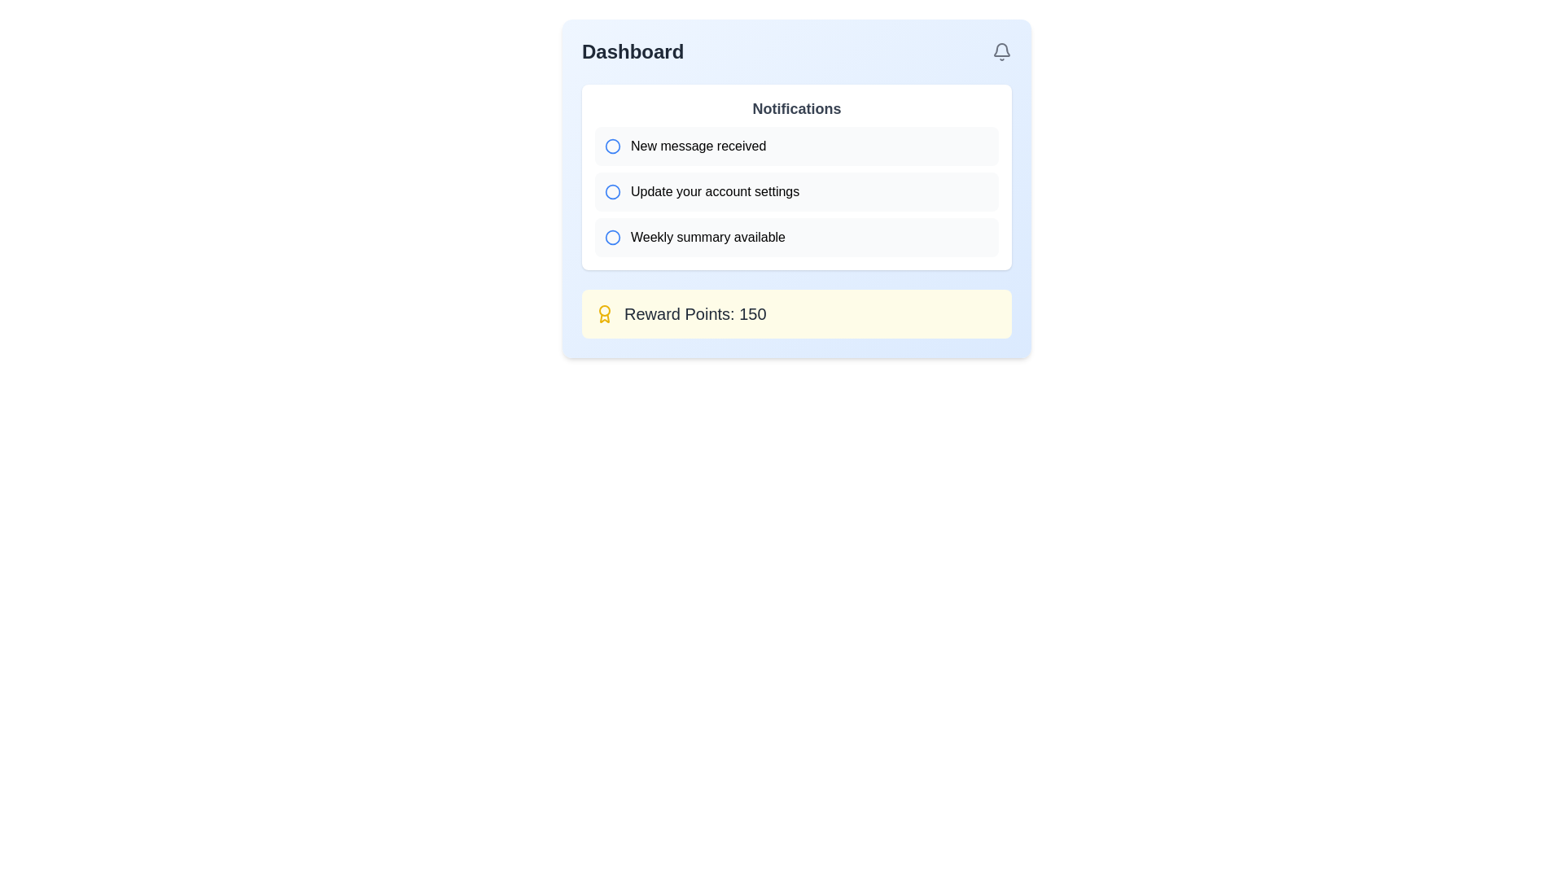  I want to click on the bell-shaped icon segment within the SVG element located in the top right corner of the dashboard UI, so click(1000, 49).